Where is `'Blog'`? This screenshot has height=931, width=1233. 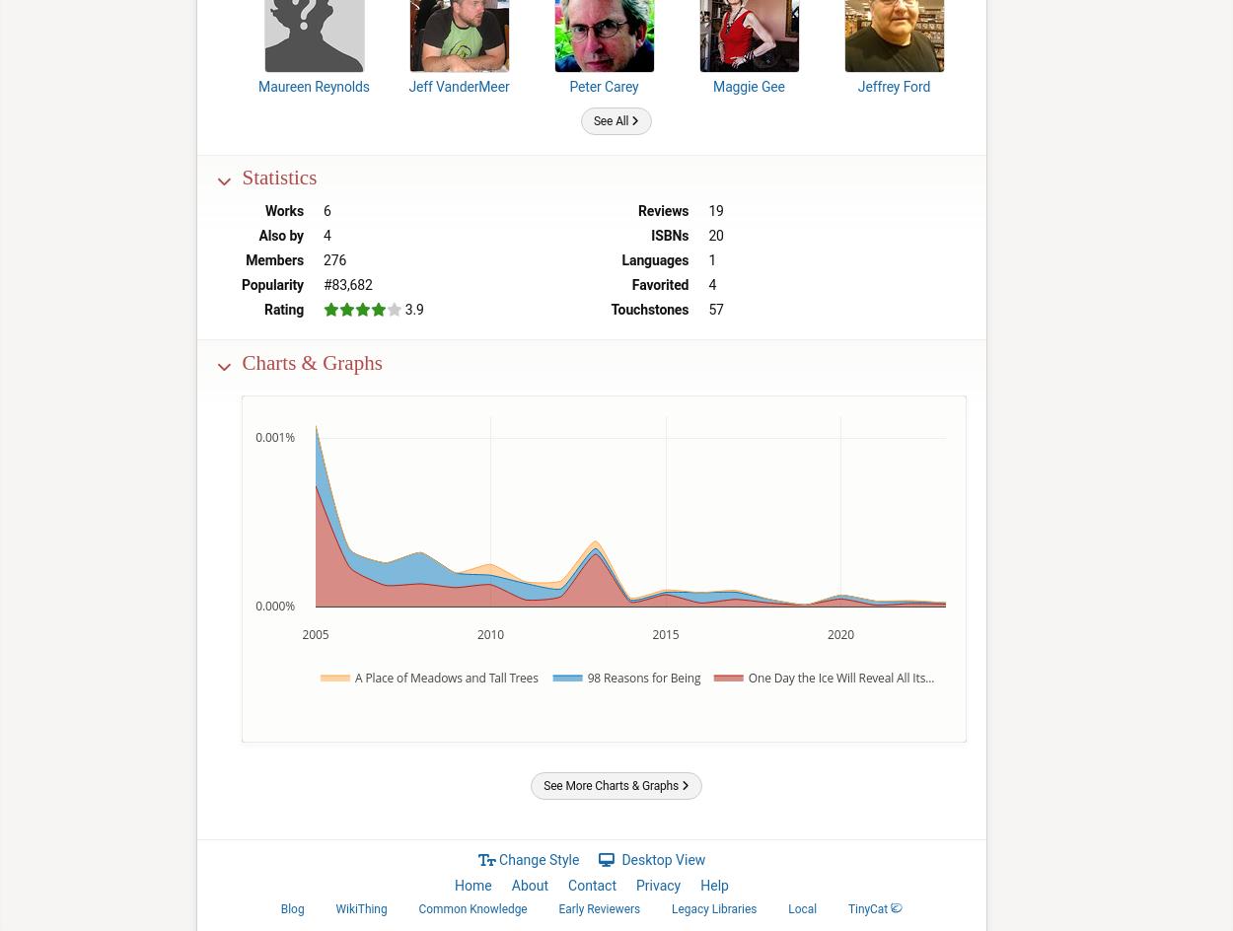 'Blog' is located at coordinates (292, 906).